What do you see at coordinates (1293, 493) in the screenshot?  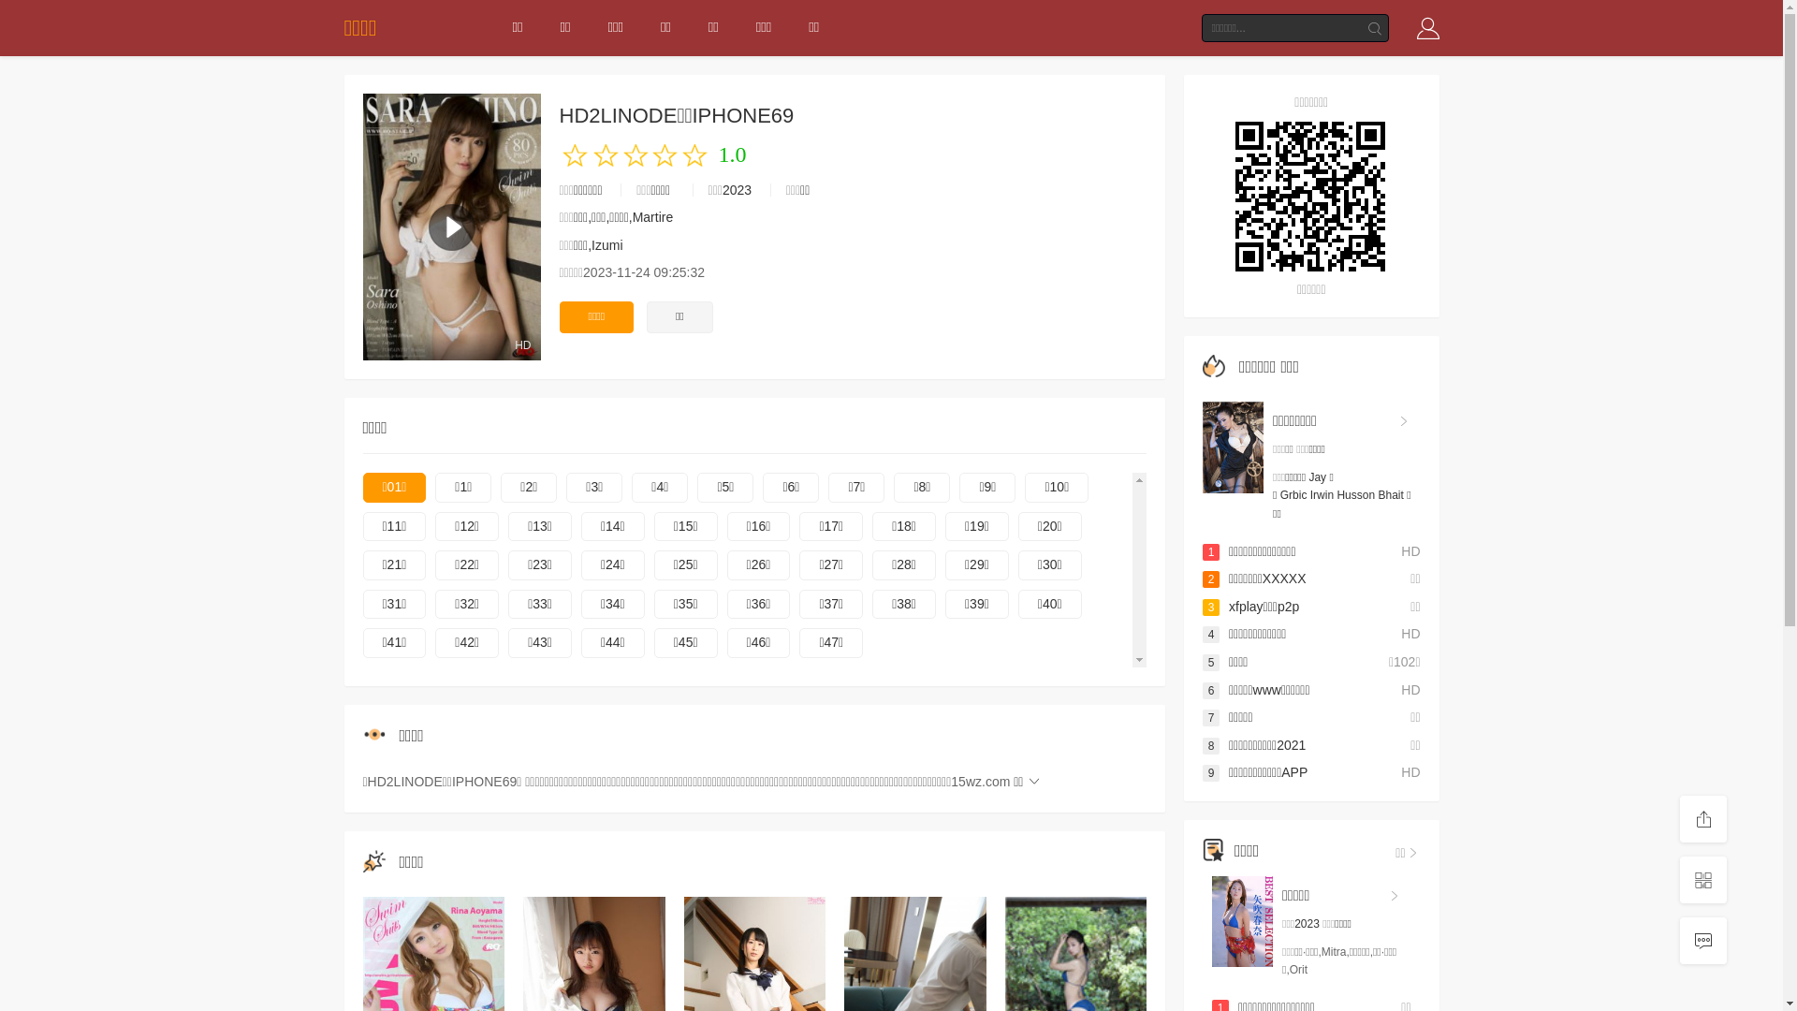 I see `'Grbic'` at bounding box center [1293, 493].